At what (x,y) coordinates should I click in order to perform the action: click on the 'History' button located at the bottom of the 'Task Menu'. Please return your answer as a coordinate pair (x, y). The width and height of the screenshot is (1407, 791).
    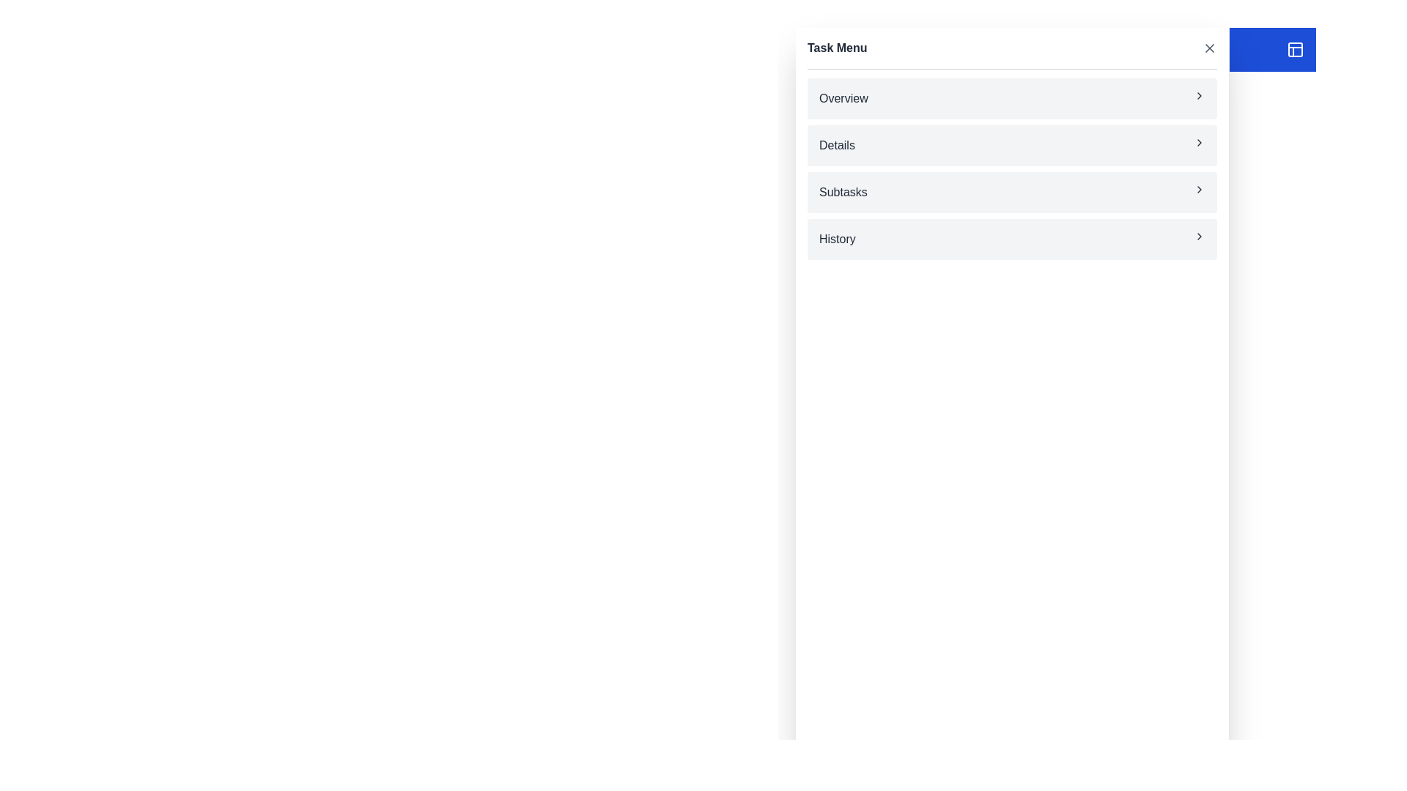
    Looking at the image, I should click on (1011, 239).